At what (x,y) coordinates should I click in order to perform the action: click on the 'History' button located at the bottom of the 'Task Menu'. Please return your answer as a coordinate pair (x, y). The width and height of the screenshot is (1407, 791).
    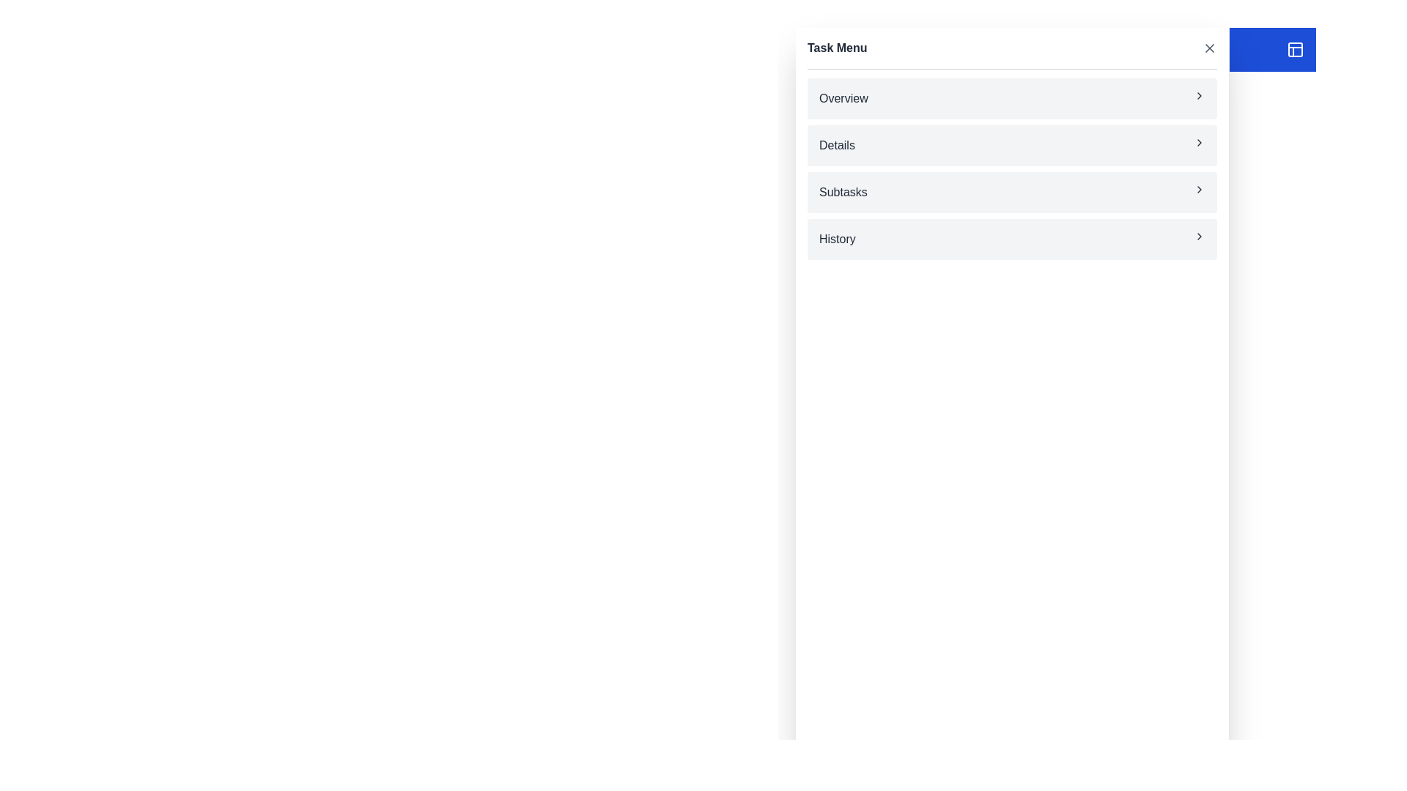
    Looking at the image, I should click on (1011, 239).